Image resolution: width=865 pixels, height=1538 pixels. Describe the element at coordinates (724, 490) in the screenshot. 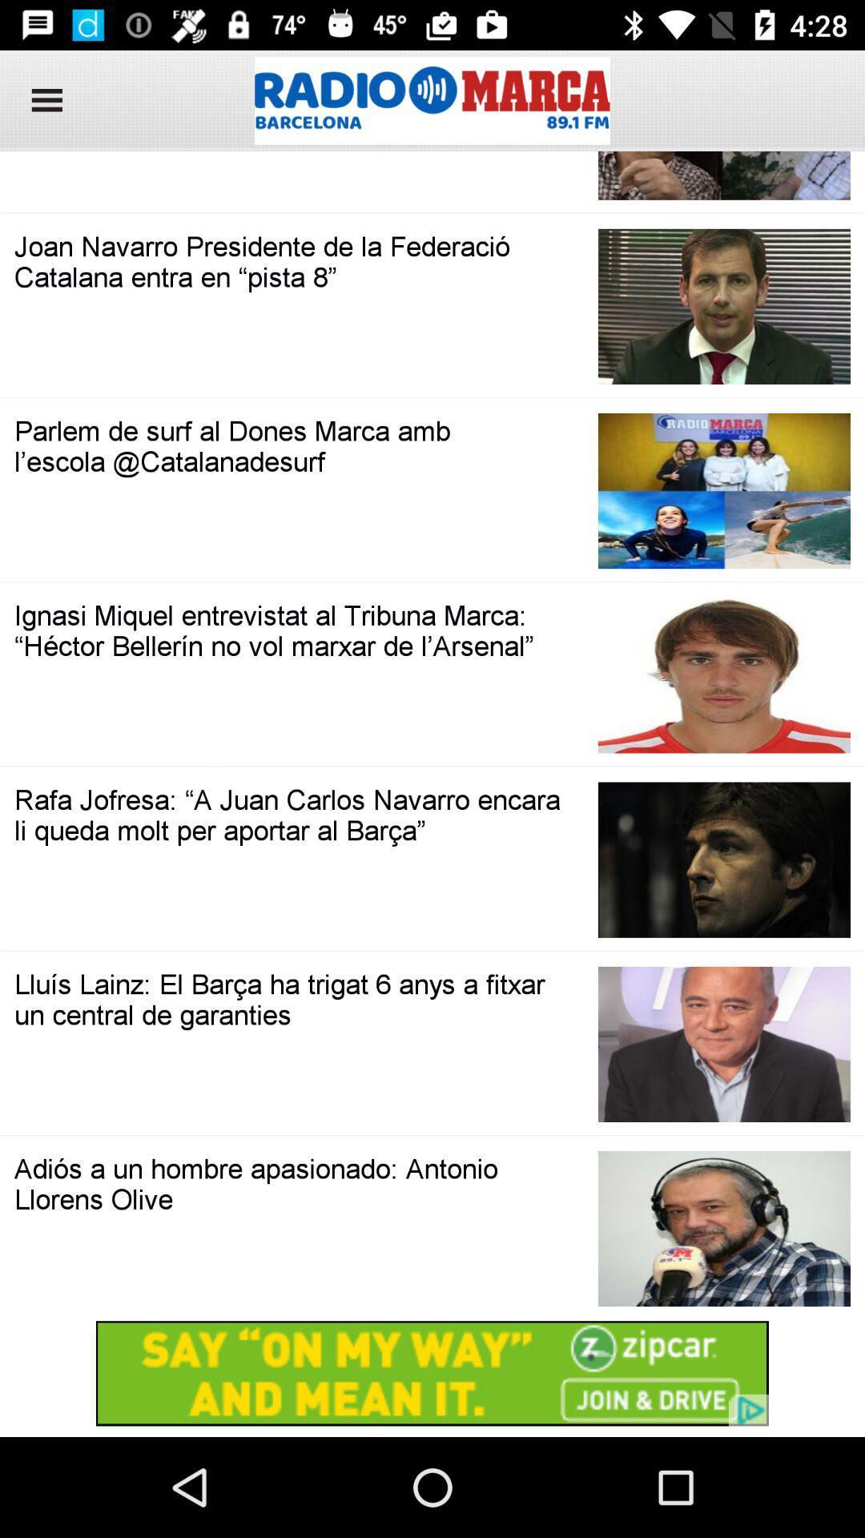

I see `the image beside parlem de surf al dones marca amb iescola catalanadesurf` at that location.